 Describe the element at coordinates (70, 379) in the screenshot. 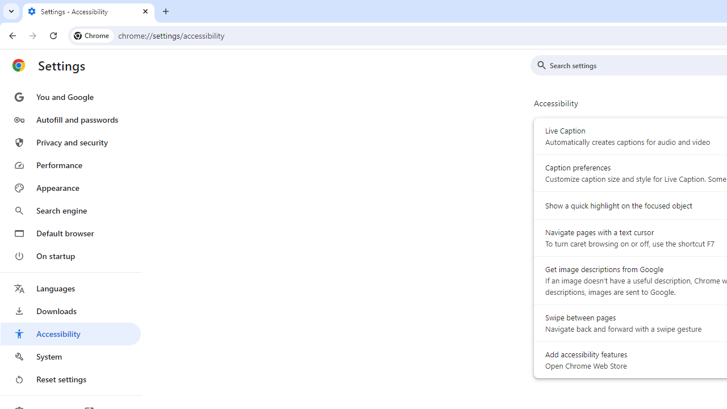

I see `'Reset settings'` at that location.